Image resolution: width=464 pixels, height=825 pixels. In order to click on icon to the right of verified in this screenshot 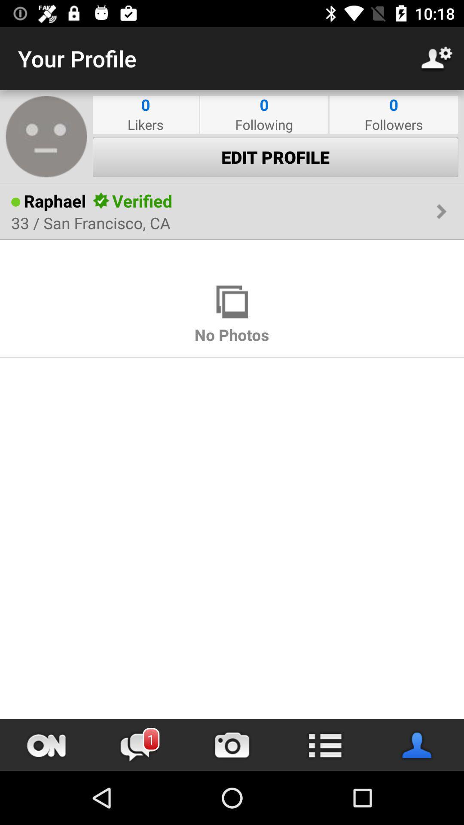, I will do `click(304, 200)`.